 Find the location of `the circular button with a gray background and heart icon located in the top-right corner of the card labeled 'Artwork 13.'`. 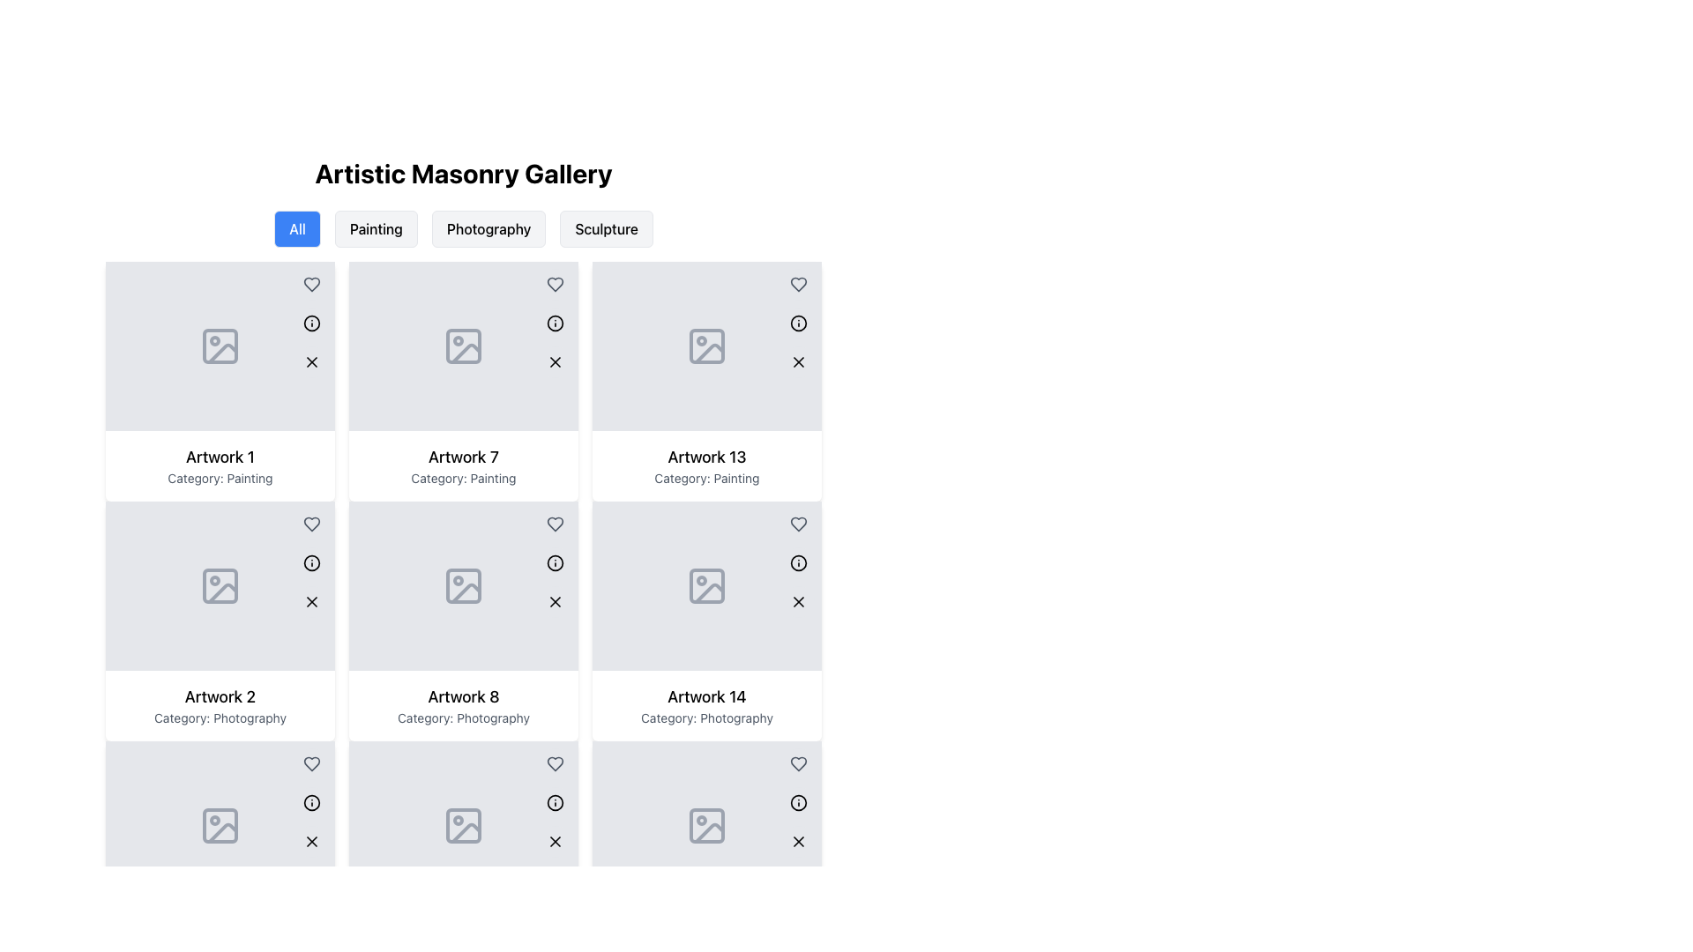

the circular button with a gray background and heart icon located in the top-right corner of the card labeled 'Artwork 13.' is located at coordinates (798, 523).